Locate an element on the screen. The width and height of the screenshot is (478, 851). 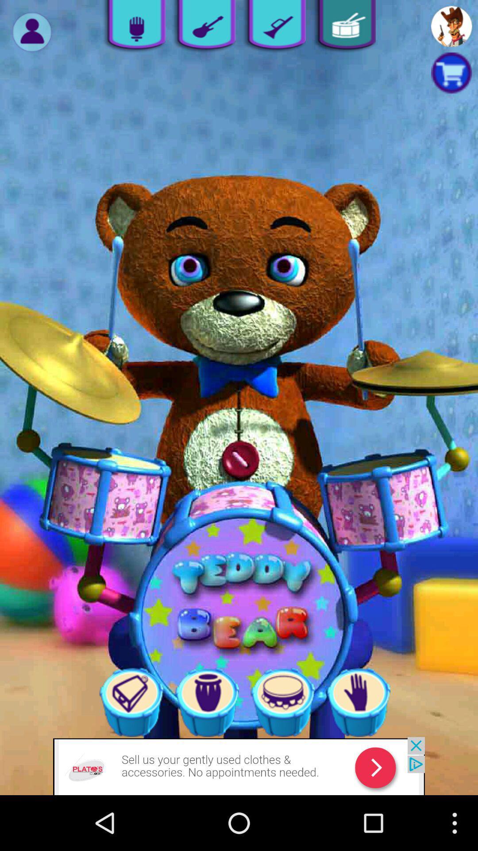
the cart icon is located at coordinates (451, 78).